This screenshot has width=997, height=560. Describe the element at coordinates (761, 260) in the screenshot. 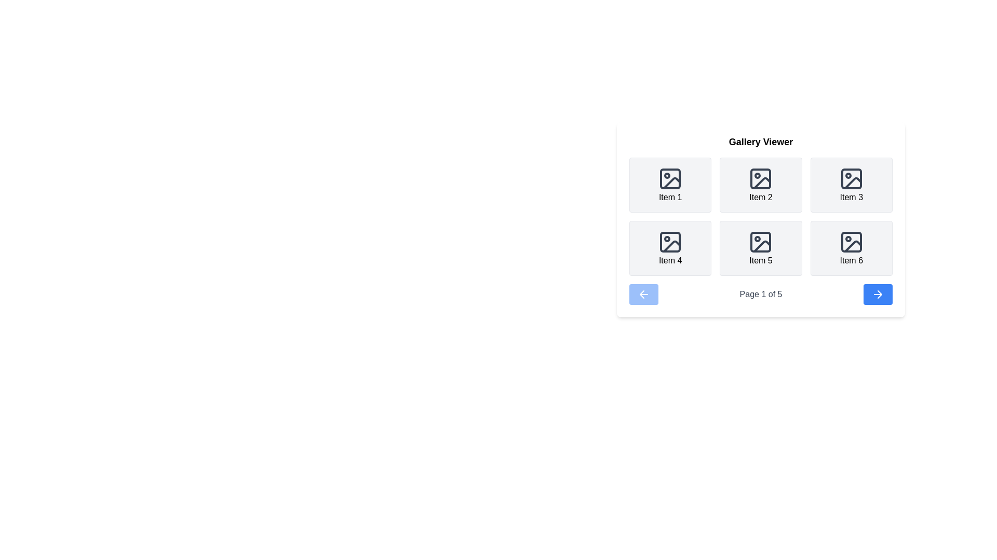

I see `the text label that identifies the fifth item in the grid layout located at the lower-left corner of the bottom row` at that location.